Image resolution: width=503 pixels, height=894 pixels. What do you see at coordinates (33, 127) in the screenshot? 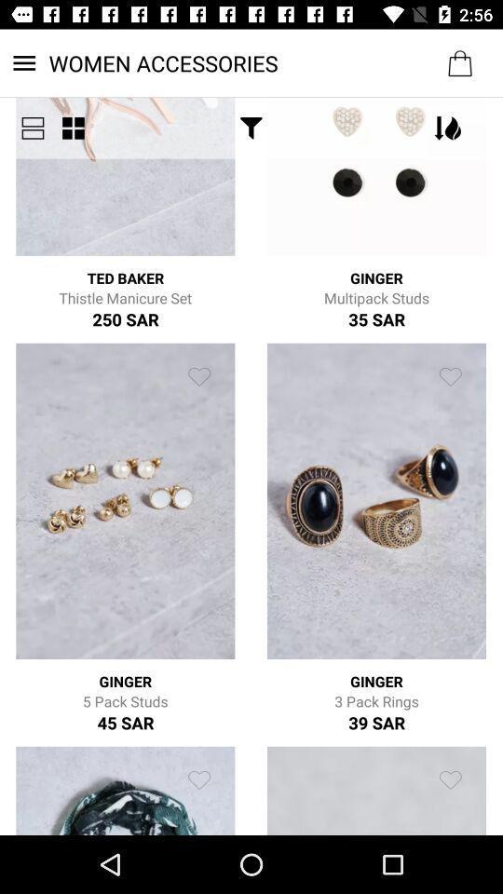
I see `the menu icon` at bounding box center [33, 127].